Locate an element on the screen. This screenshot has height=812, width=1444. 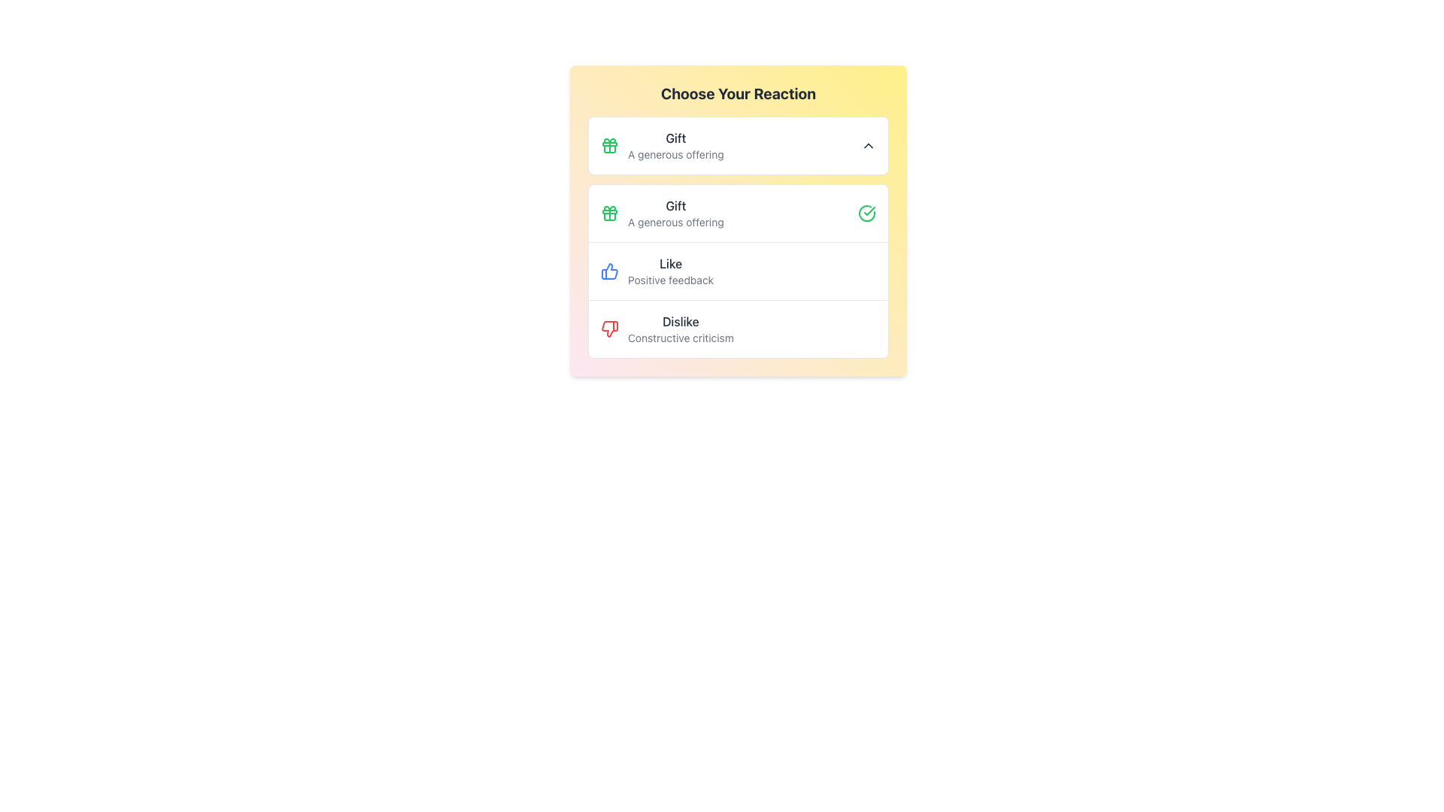
the graphical element of the green gift icon located at the top left of the first option in the 'Choose Your Reaction' list is located at coordinates (610, 144).